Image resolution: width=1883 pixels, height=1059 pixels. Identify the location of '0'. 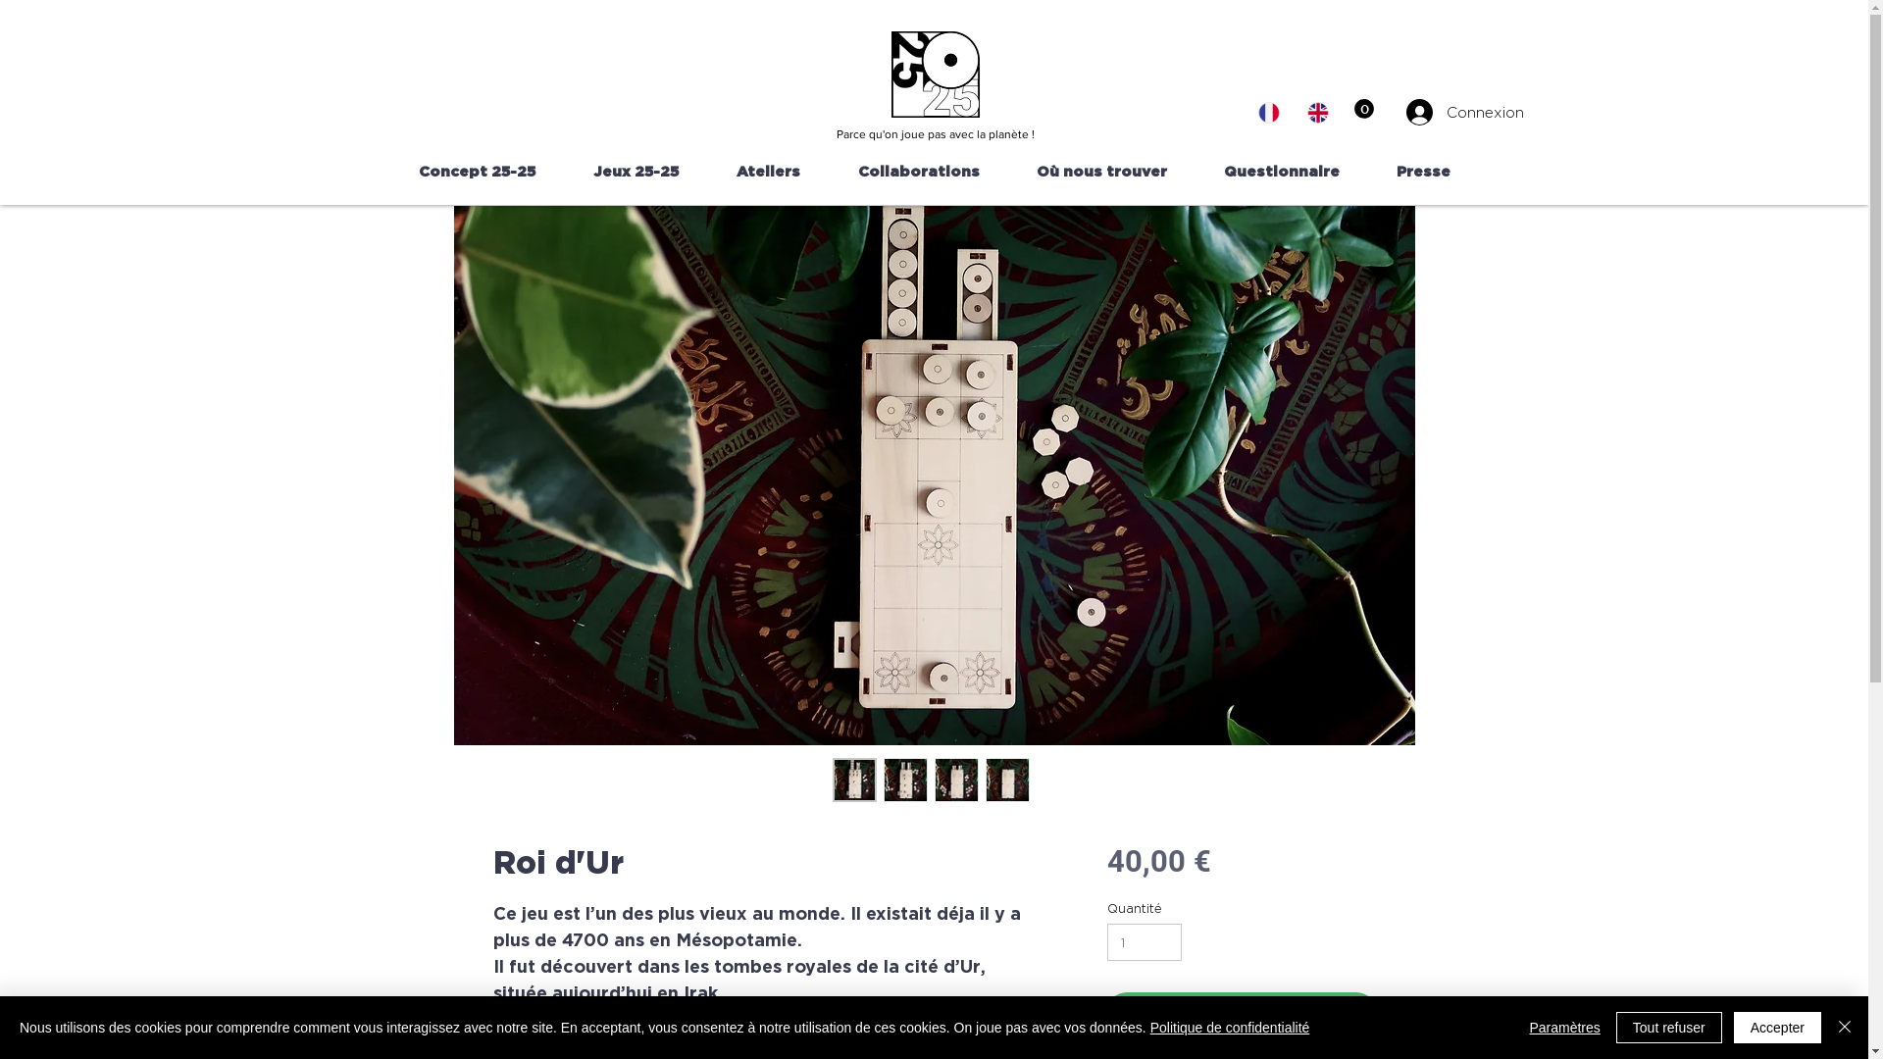
(1352, 109).